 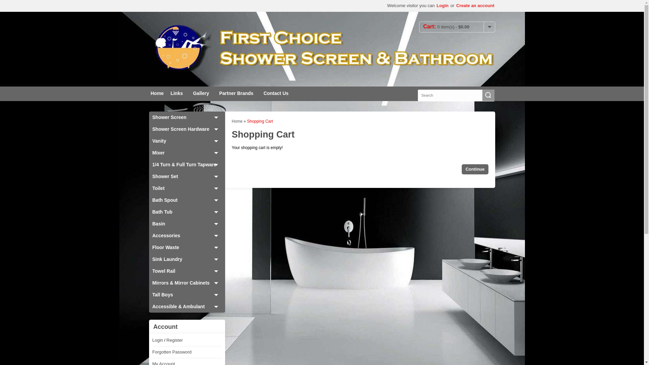 What do you see at coordinates (187, 259) in the screenshot?
I see `'Sink Laundry'` at bounding box center [187, 259].